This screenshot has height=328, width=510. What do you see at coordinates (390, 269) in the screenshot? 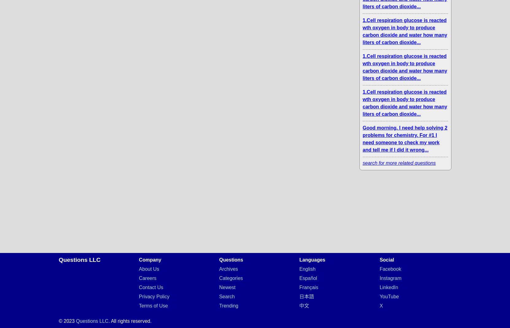
I see `'Facebook'` at bounding box center [390, 269].